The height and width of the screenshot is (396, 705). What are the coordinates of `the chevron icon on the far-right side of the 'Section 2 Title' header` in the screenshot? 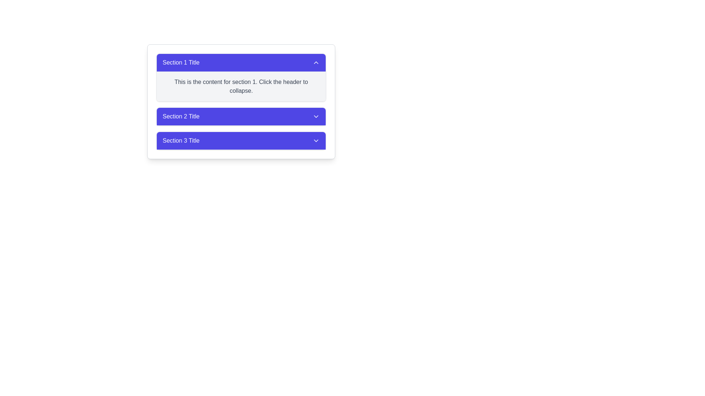 It's located at (316, 116).